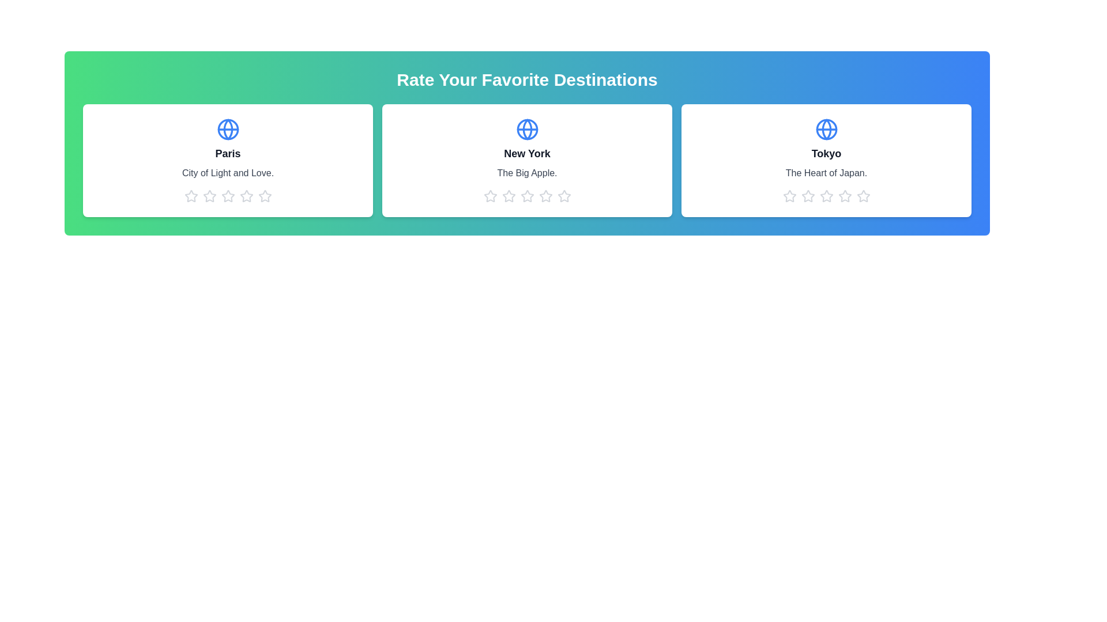 This screenshot has height=622, width=1107. I want to click on the header text to view it, so click(526, 79).